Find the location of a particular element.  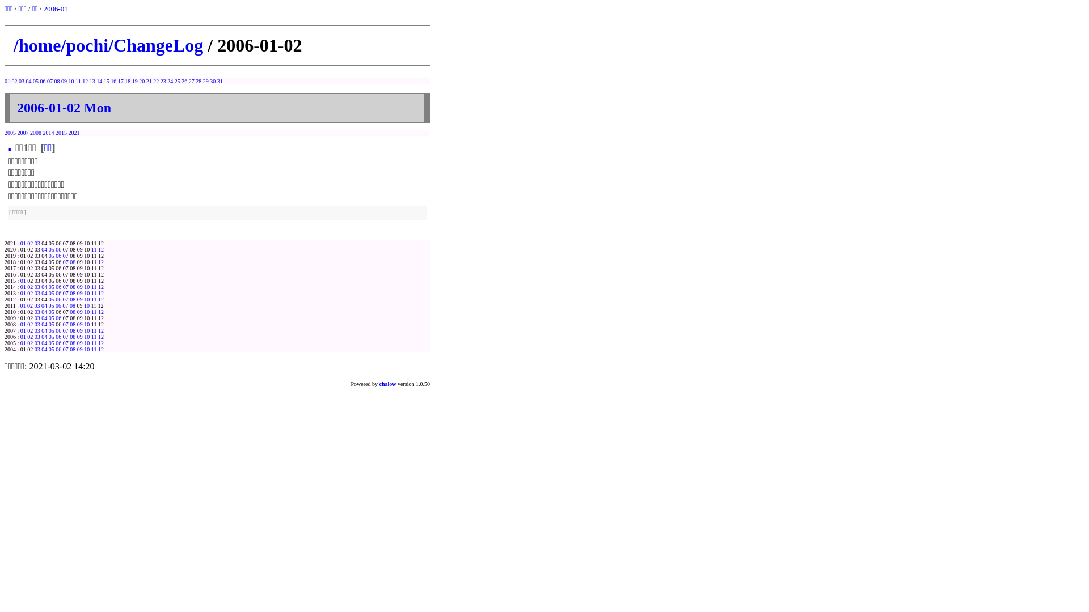

'23' is located at coordinates (160, 80).